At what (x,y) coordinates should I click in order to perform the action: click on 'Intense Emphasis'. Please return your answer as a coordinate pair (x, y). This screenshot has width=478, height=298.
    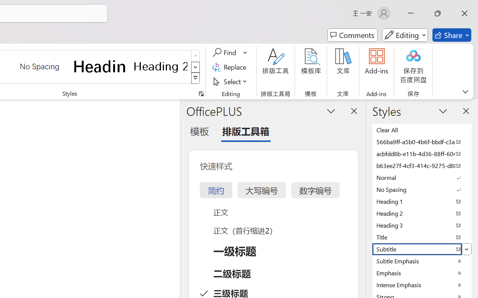
    Looking at the image, I should click on (422, 285).